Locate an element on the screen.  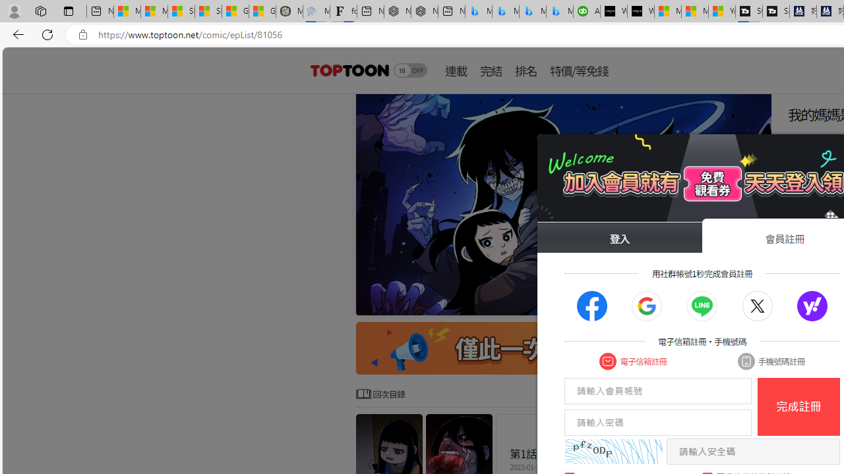
'Accounting Software for Accountants, CPAs and Bookkeepers' is located at coordinates (586, 11).